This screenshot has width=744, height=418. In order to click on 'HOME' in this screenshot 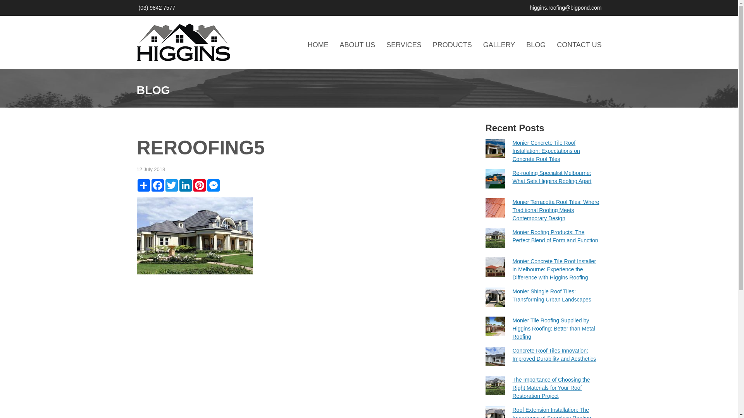, I will do `click(318, 45)`.